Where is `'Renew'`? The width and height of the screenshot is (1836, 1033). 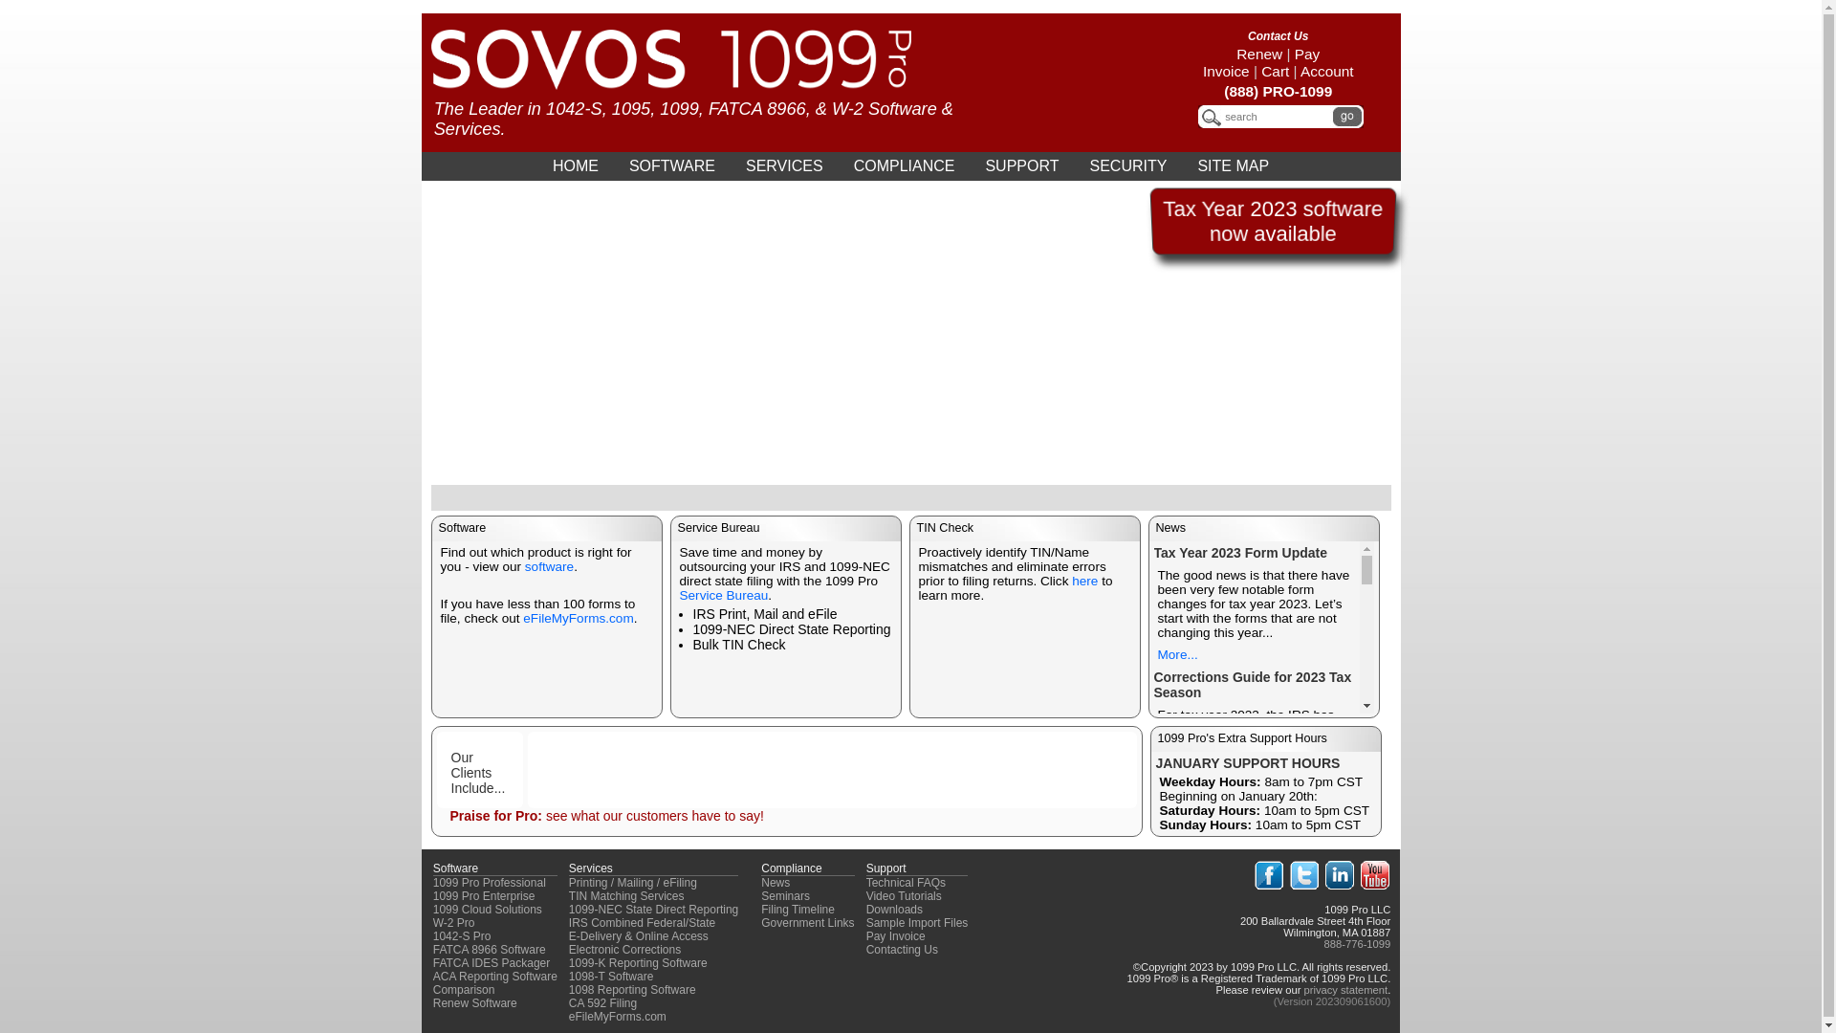
'Renew' is located at coordinates (1258, 53).